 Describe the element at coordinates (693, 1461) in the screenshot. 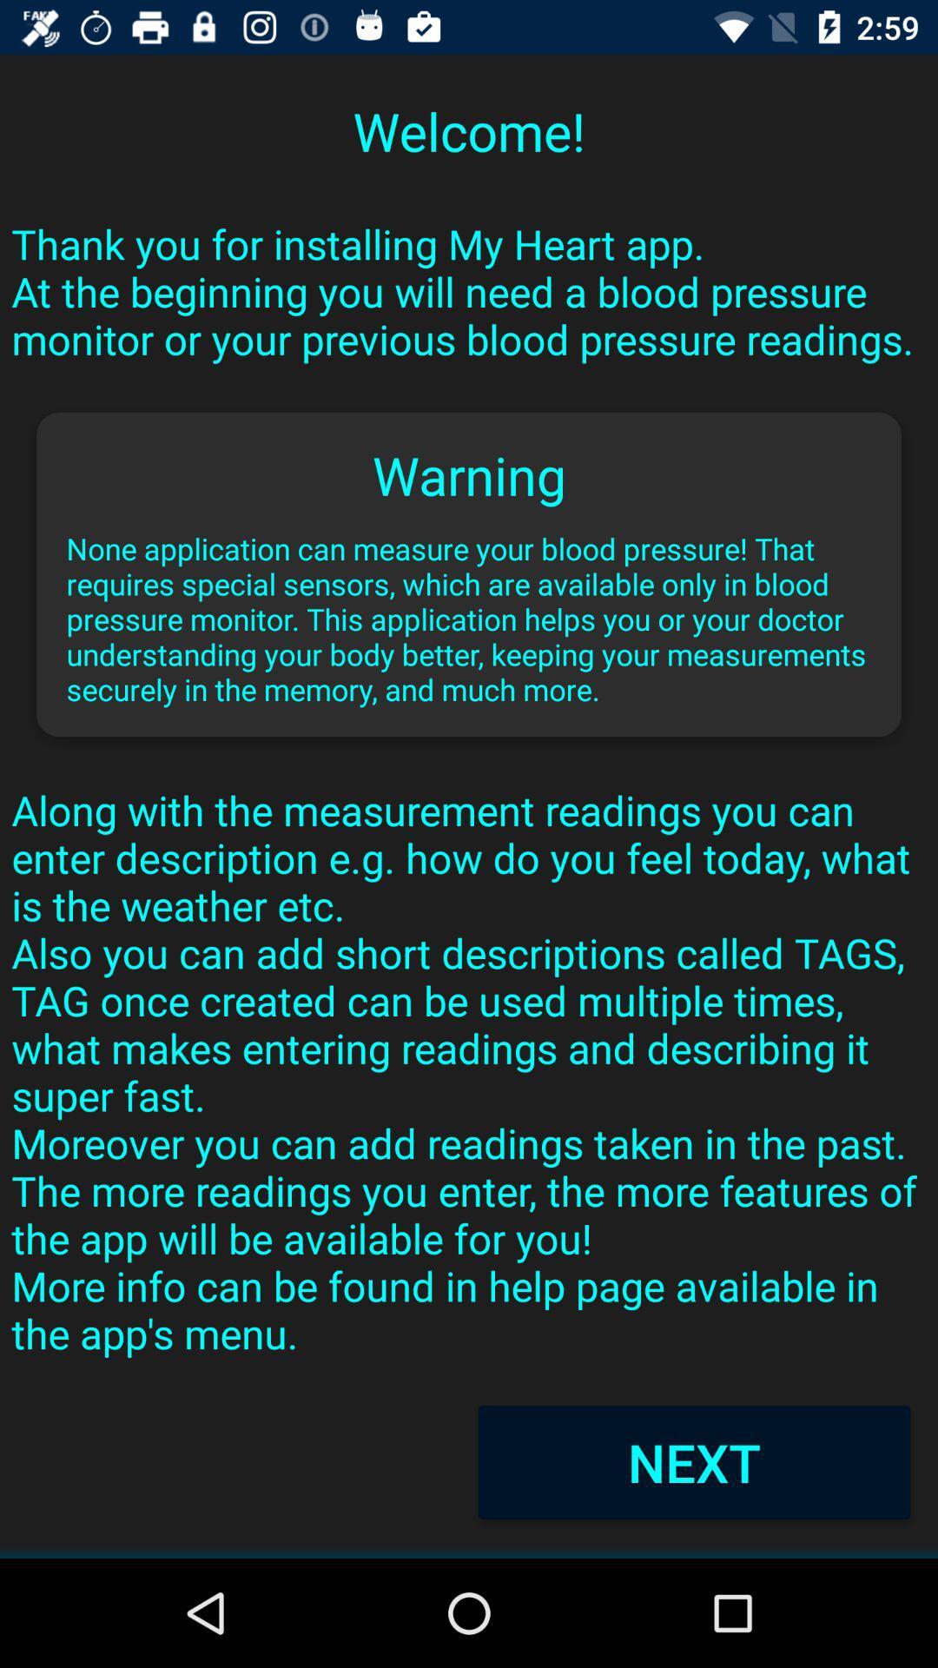

I see `the next item` at that location.